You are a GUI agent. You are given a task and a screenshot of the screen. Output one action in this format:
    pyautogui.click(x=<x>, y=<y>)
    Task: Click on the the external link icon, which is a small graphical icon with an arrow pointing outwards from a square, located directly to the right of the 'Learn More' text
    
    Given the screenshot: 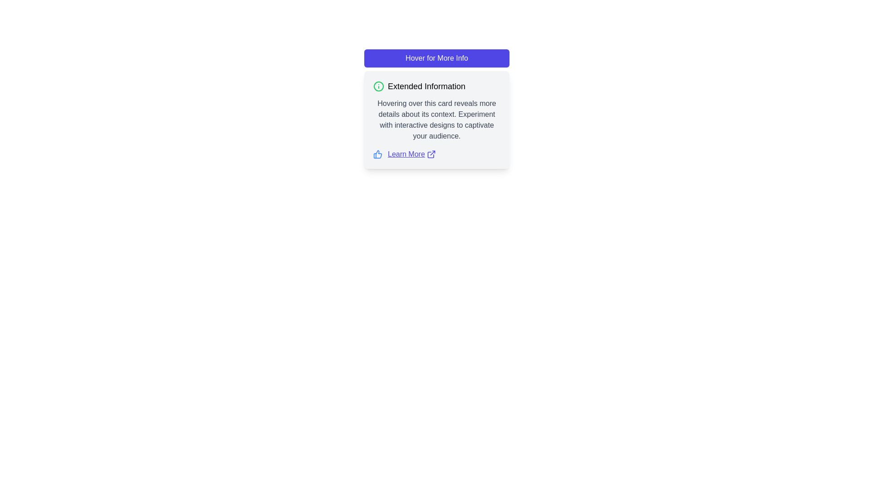 What is the action you would take?
    pyautogui.click(x=431, y=153)
    